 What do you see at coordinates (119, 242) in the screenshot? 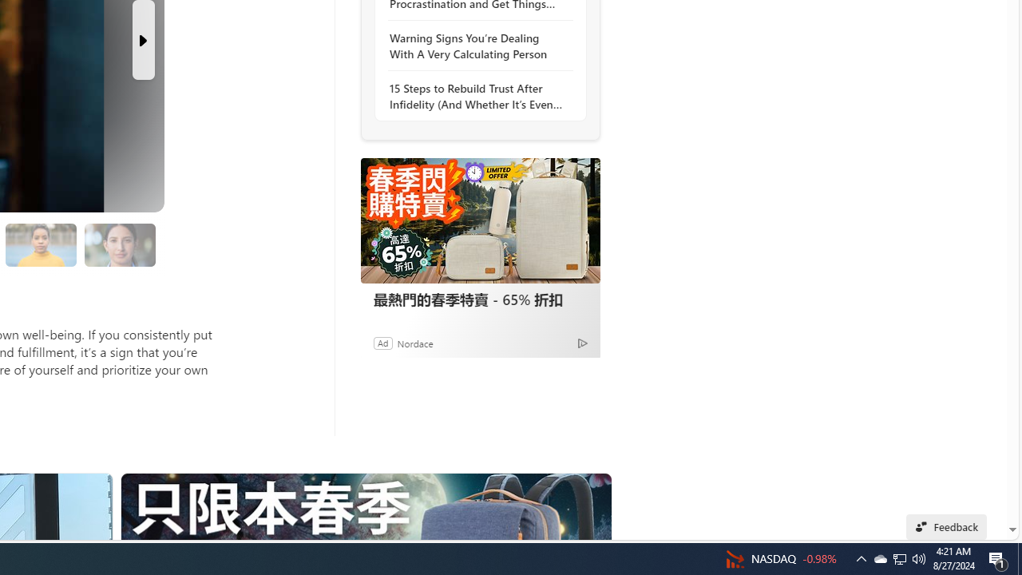
I see `'Class: progress'` at bounding box center [119, 242].